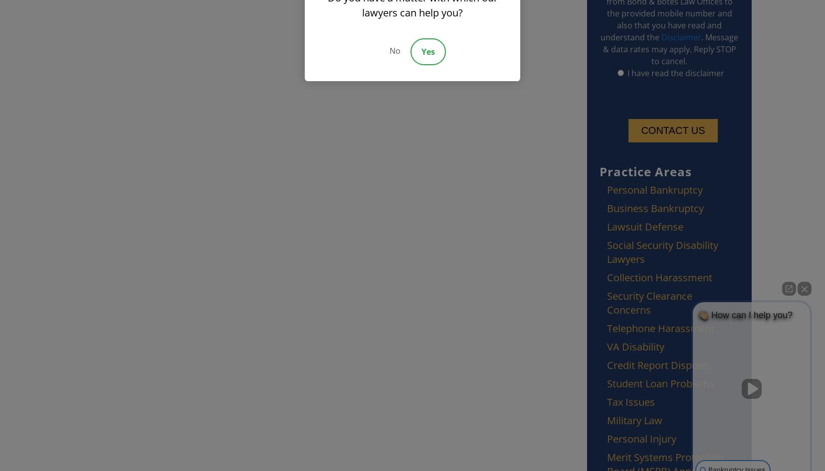 The height and width of the screenshot is (471, 825). What do you see at coordinates (654, 190) in the screenshot?
I see `'Personal Bankruptcy'` at bounding box center [654, 190].